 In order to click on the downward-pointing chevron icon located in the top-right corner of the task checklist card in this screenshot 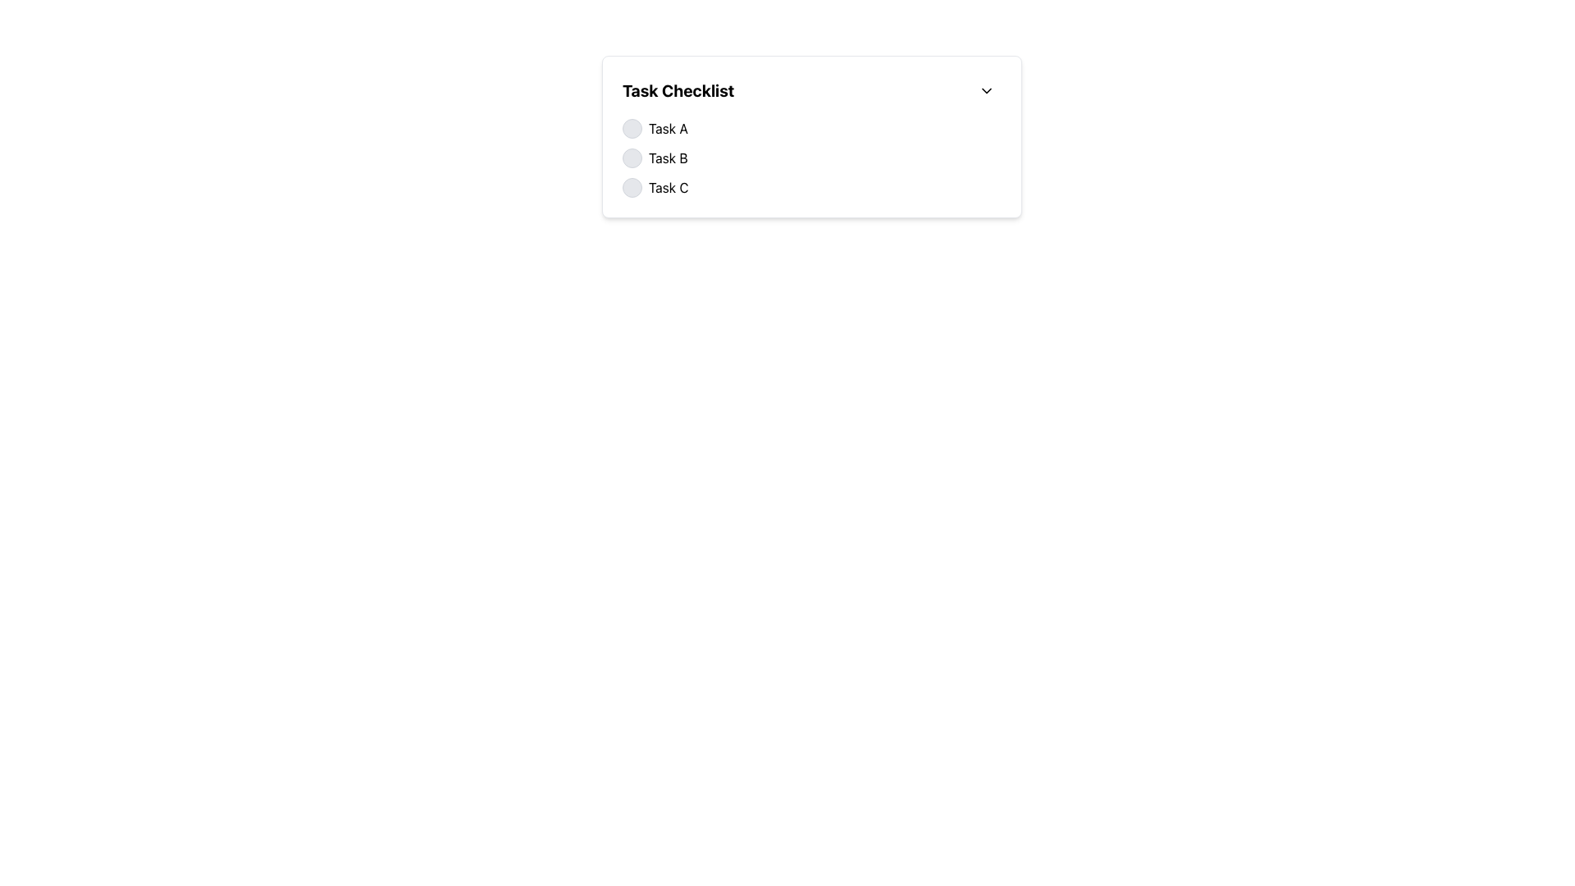, I will do `click(986, 91)`.